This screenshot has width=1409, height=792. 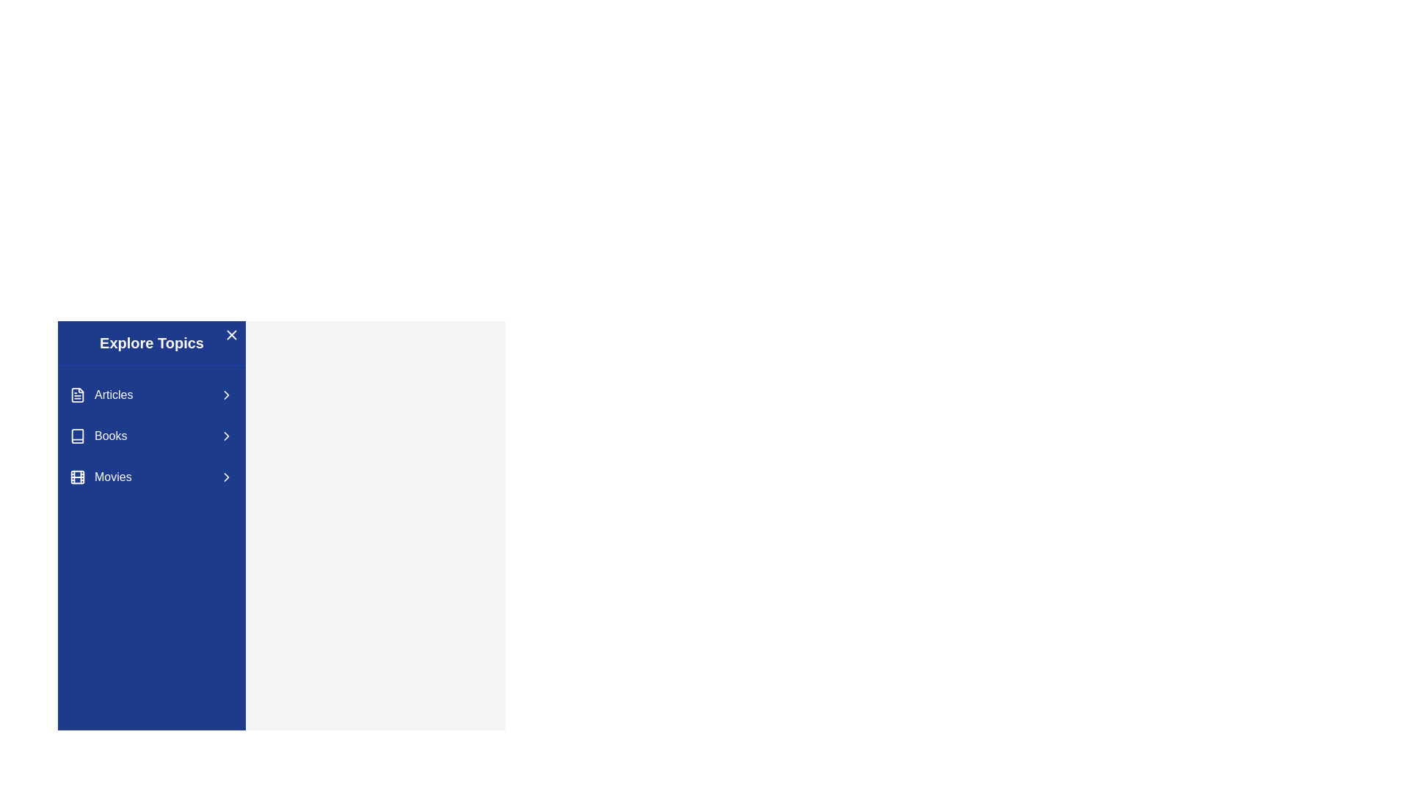 I want to click on the right-pointing arrow icon next to the 'Books' label in the vertical list of the 'Explore Topics' sidebar, so click(x=225, y=435).